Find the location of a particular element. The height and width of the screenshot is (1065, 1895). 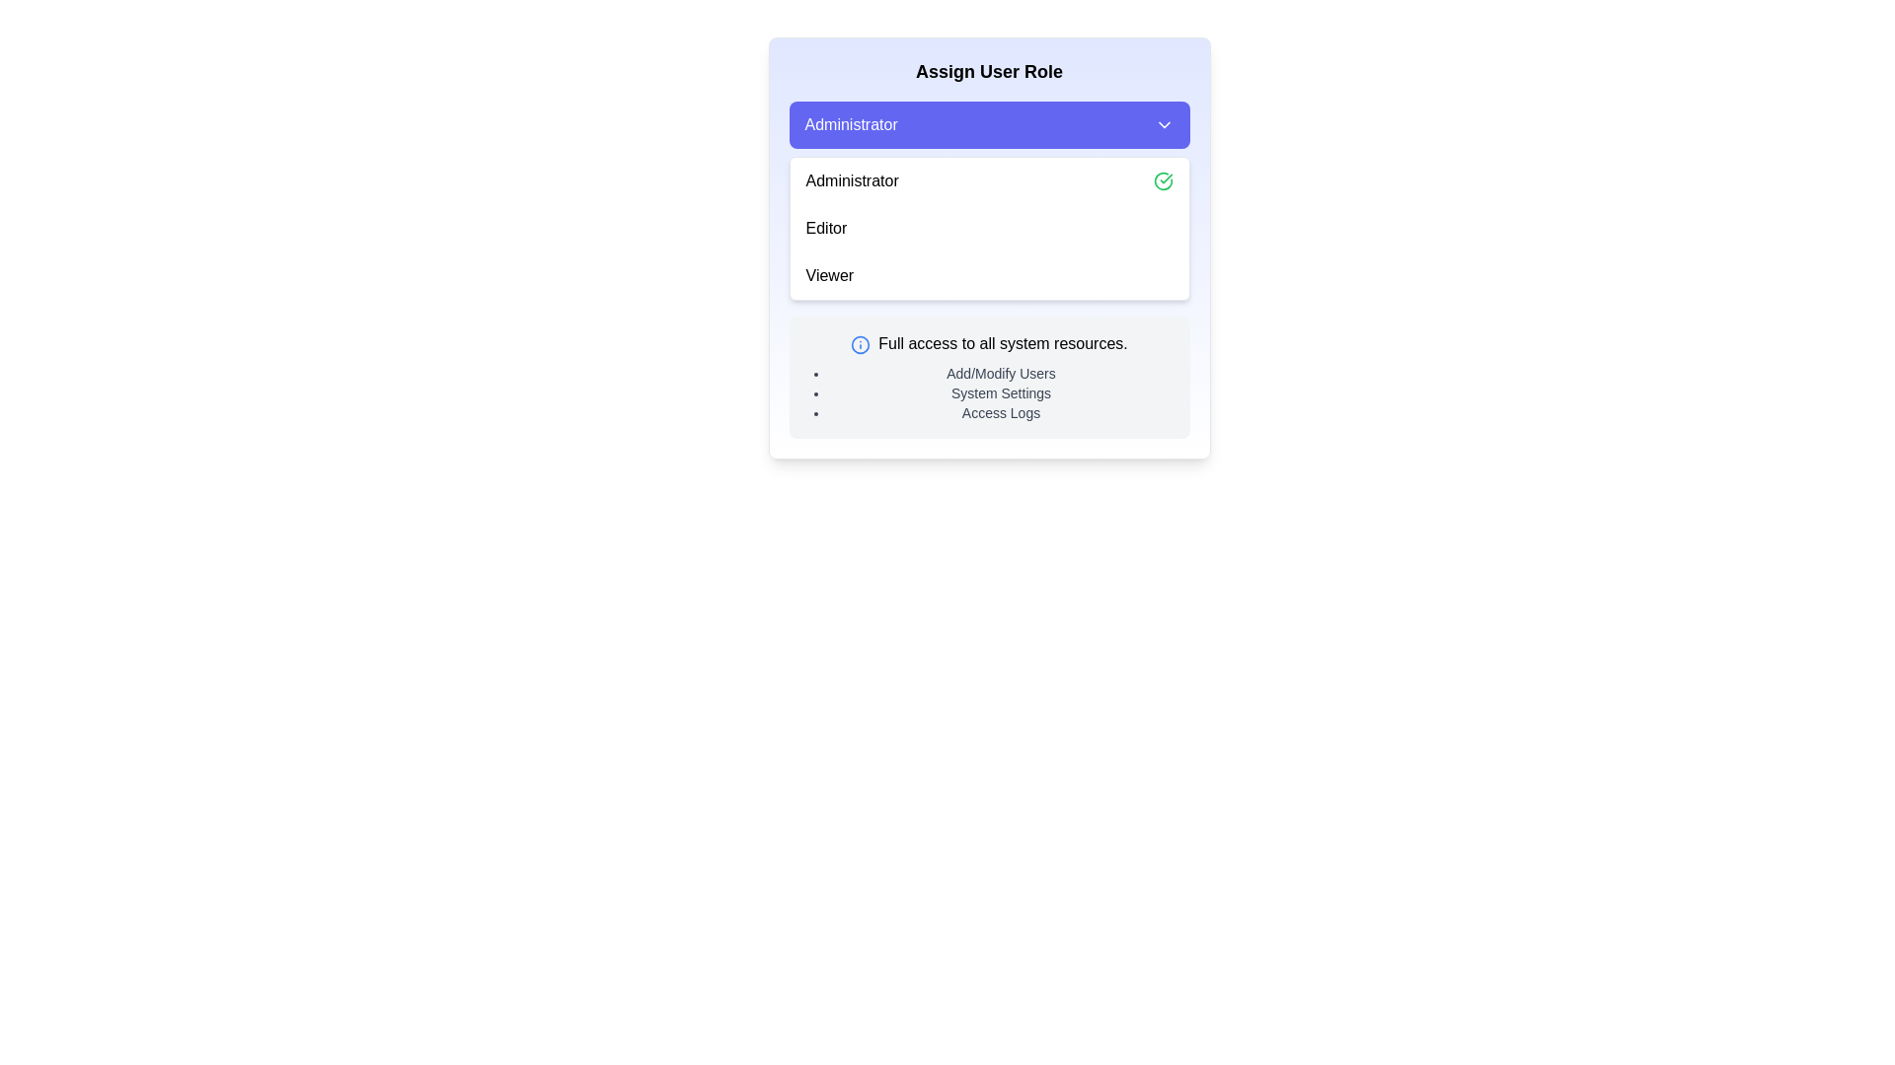

the text label that describes user role permissions, located beneath the 'Assign User Role' dropdown and to the right of an informational icon is located at coordinates (1003, 342).